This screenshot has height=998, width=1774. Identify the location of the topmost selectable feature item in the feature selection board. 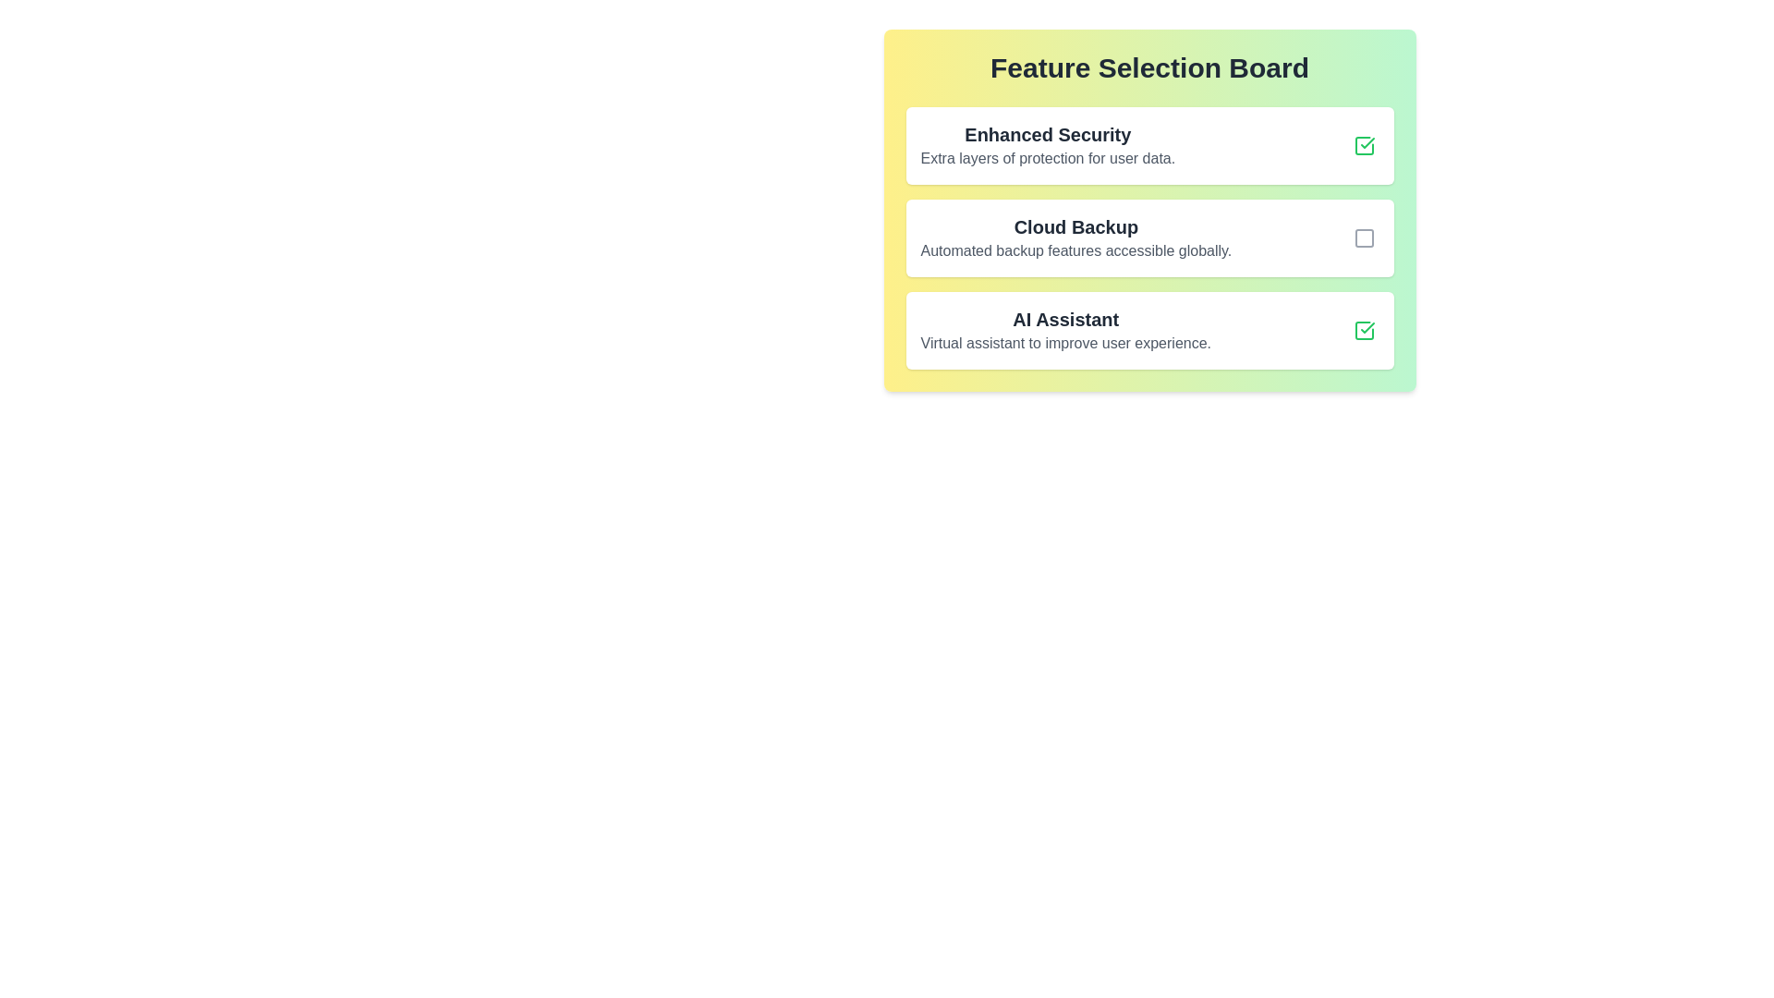
(1148, 145).